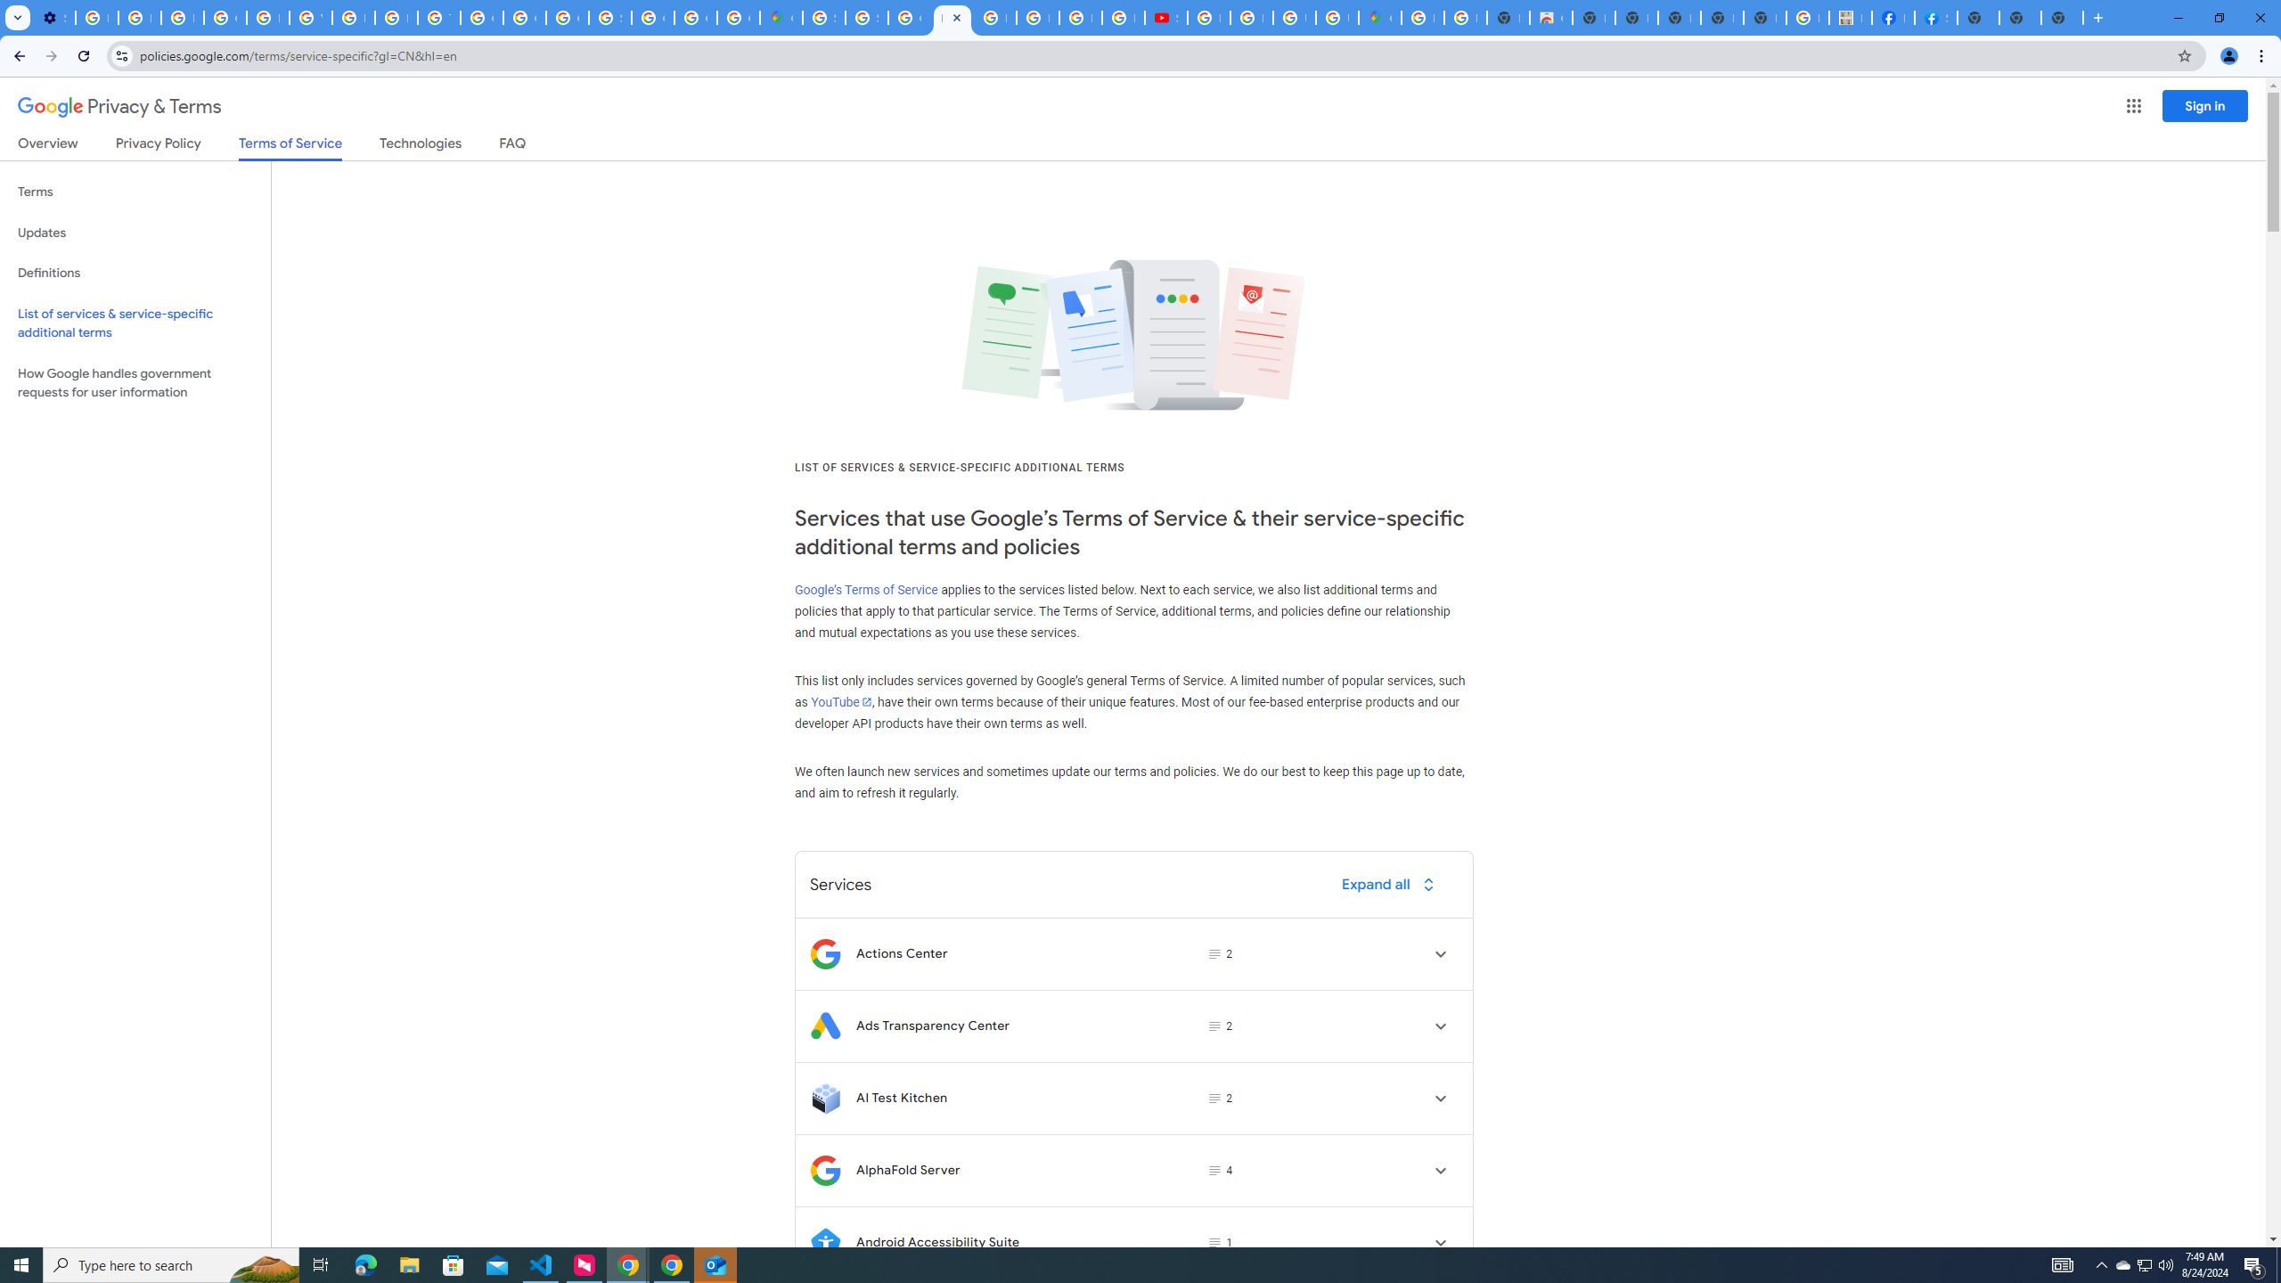 The height and width of the screenshot is (1283, 2281). I want to click on 'Blogger Policies and Guidelines - Transparency Center', so click(994, 17).